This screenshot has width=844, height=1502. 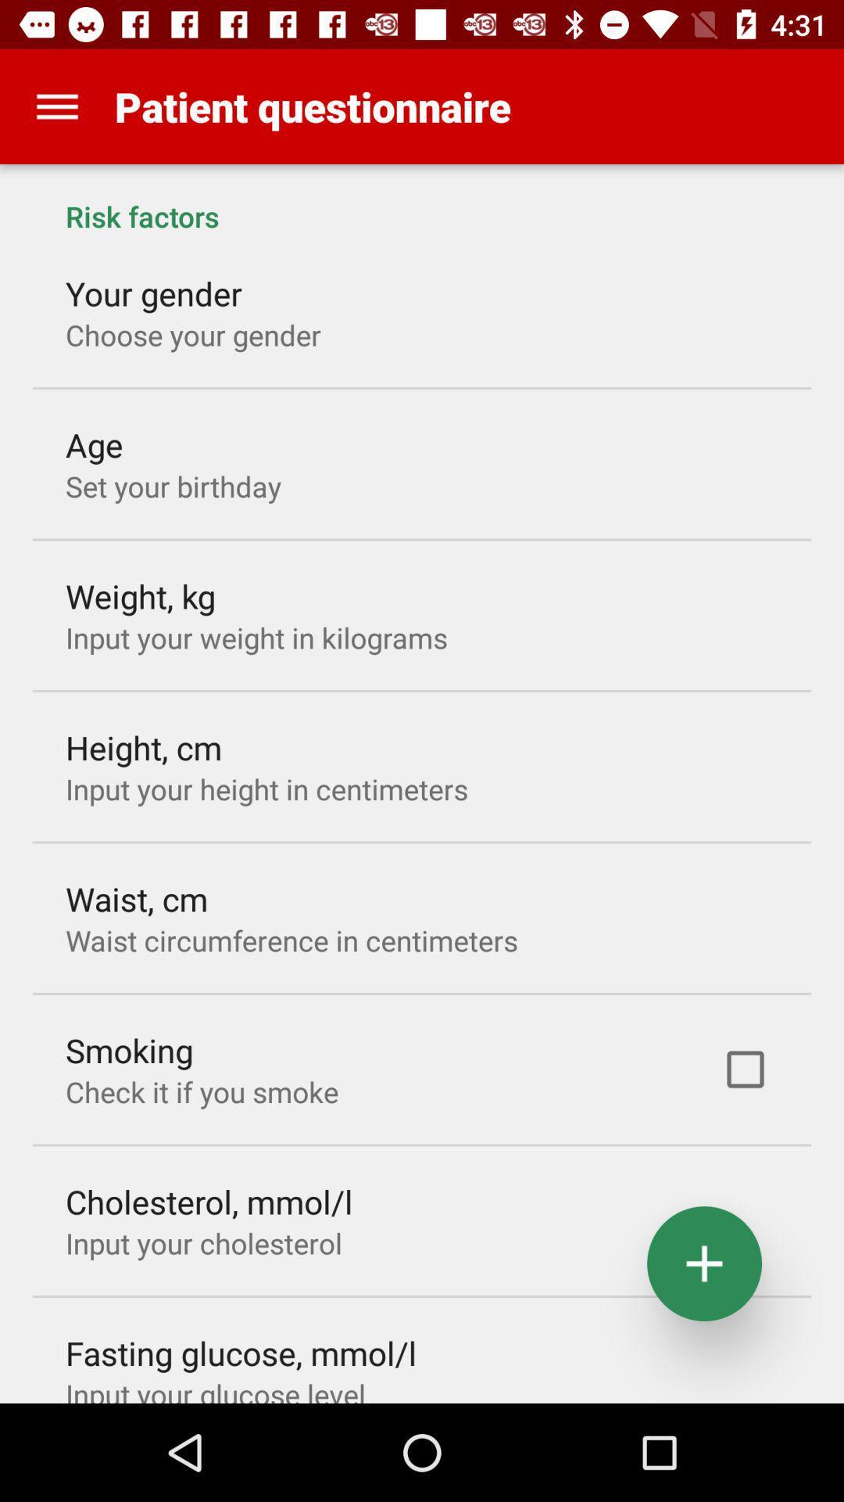 What do you see at coordinates (291, 940) in the screenshot?
I see `the icon at the center` at bounding box center [291, 940].